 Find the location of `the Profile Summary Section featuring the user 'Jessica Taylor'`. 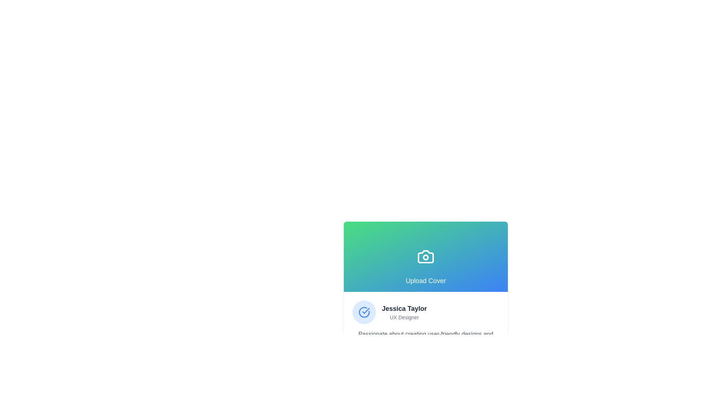

the Profile Summary Section featuring the user 'Jessica Taylor' is located at coordinates (425, 312).